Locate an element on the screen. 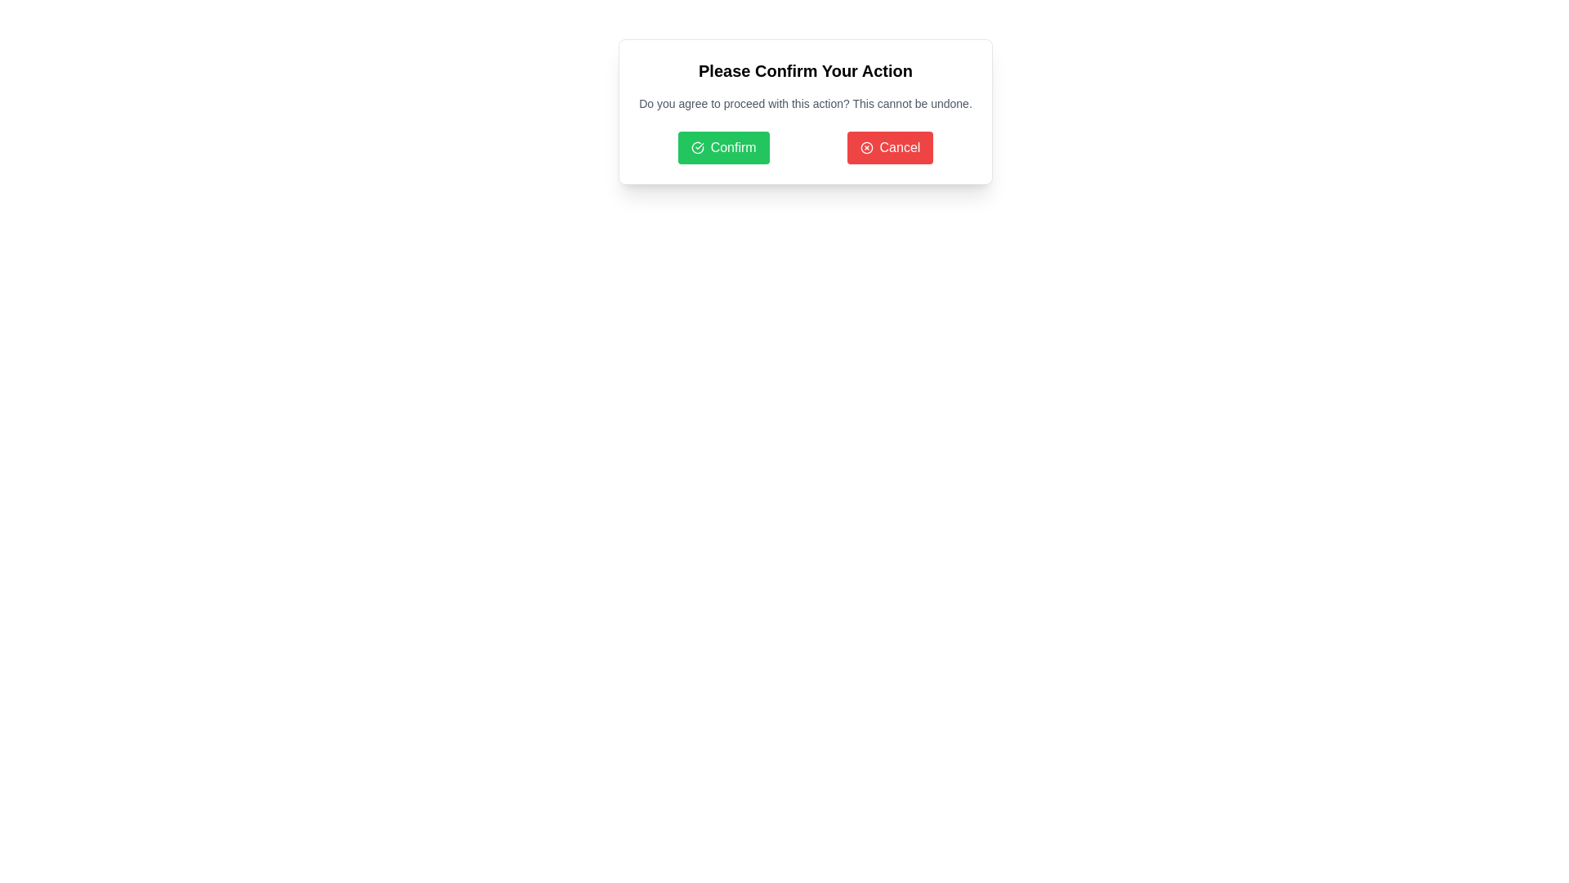 The image size is (1569, 883). the 'Cancel' button located beneath the title 'Please Confirm Your Action' in the modal UI to abort the current operation is located at coordinates (889, 148).